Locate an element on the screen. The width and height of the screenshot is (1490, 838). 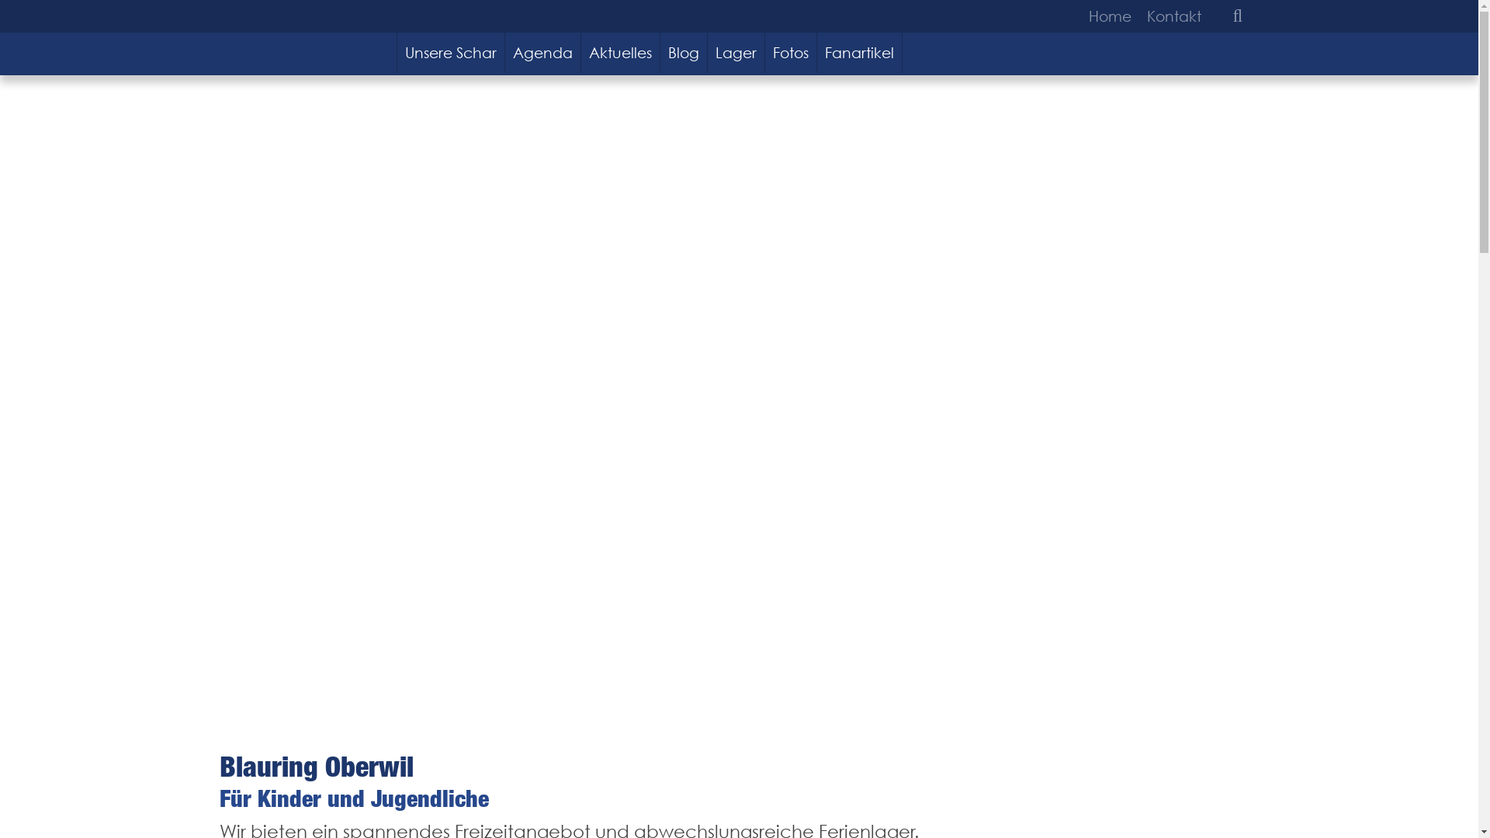
'Unsere Schar' is located at coordinates (449, 52).